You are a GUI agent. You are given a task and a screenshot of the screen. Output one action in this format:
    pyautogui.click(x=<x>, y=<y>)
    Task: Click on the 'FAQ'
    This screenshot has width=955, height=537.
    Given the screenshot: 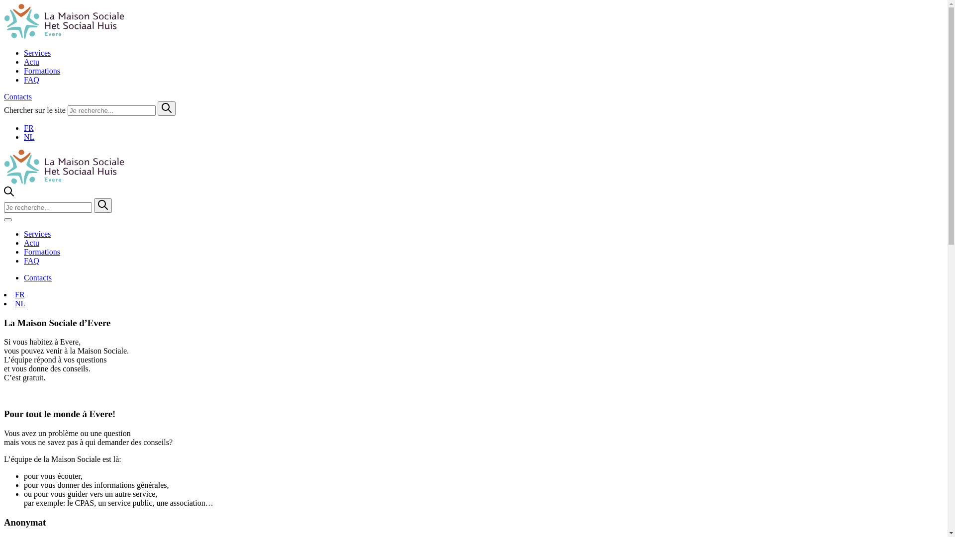 What is the action you would take?
    pyautogui.click(x=31, y=260)
    